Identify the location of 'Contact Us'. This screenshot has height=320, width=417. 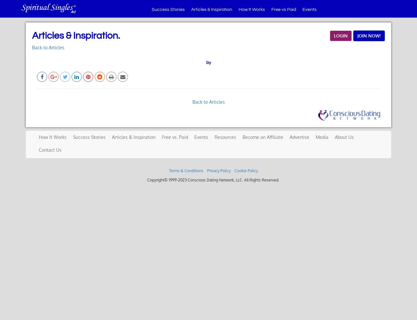
(50, 149).